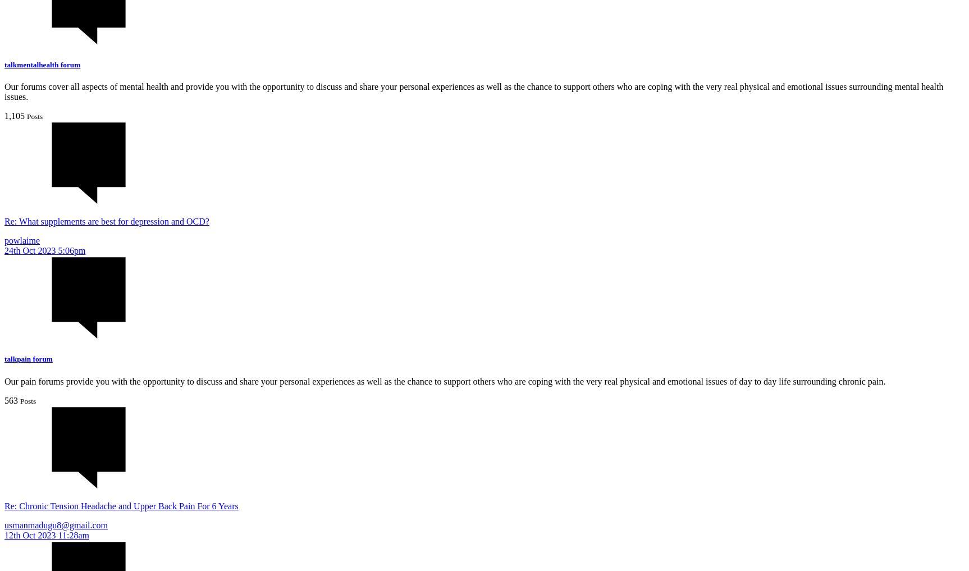 Image resolution: width=969 pixels, height=571 pixels. I want to click on '563', so click(11, 399).